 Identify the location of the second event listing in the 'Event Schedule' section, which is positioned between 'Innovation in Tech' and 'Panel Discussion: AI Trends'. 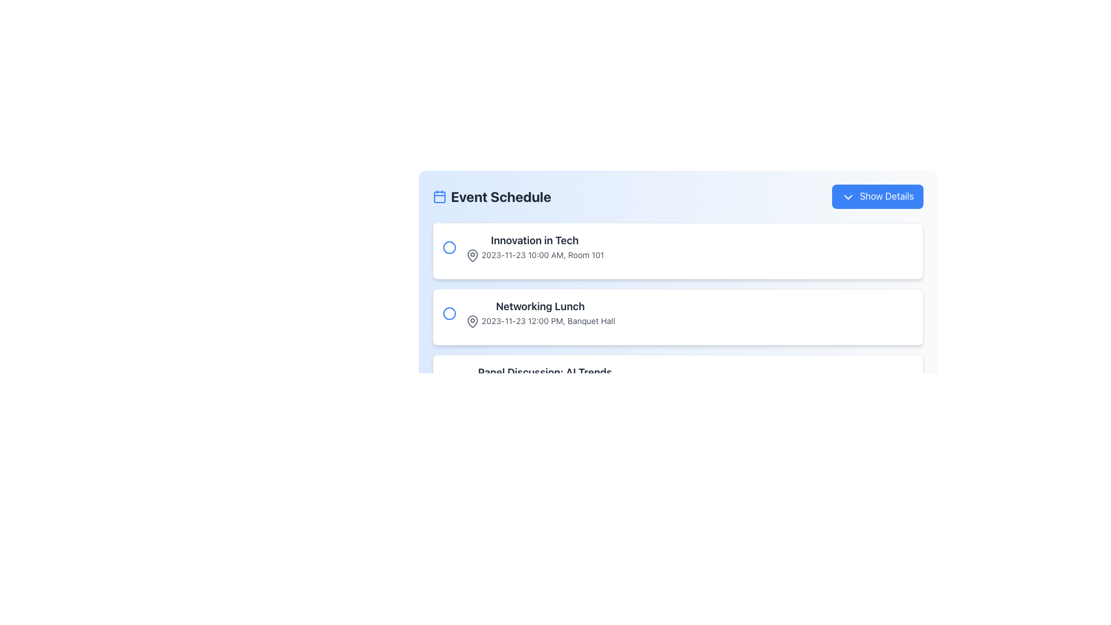
(678, 313).